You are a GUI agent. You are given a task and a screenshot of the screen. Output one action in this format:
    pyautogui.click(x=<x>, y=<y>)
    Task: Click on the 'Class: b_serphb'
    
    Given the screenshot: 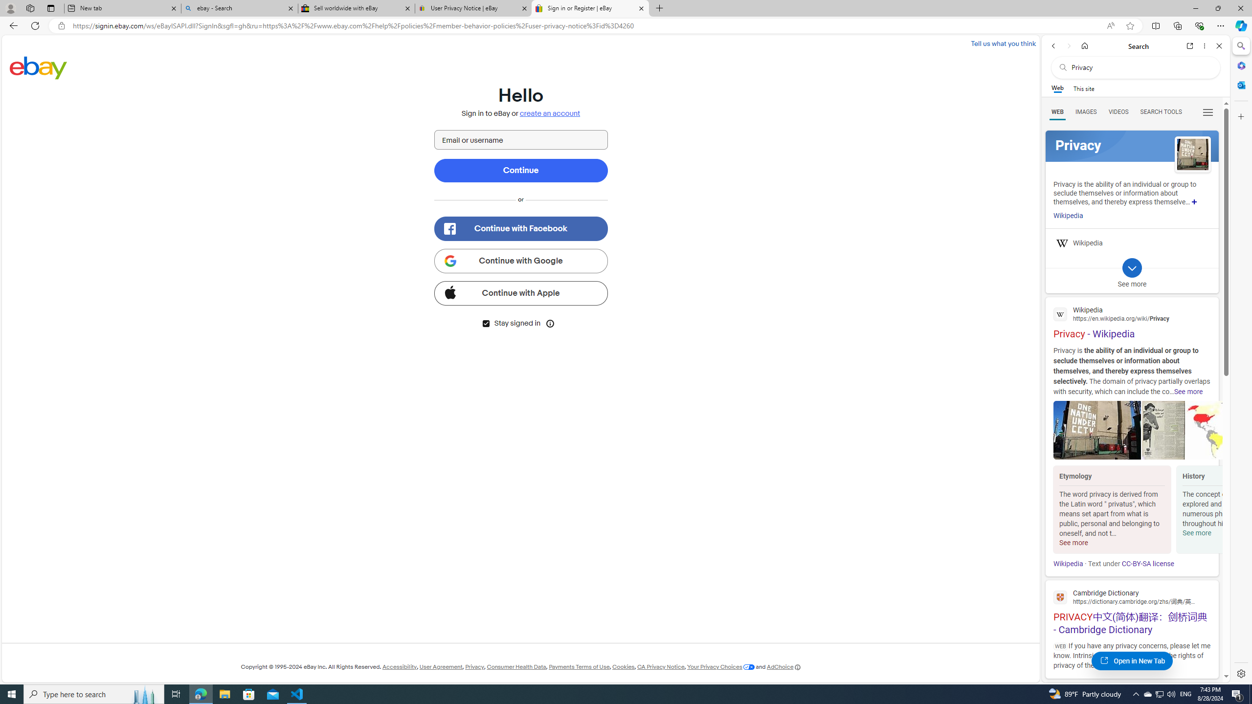 What is the action you would take?
    pyautogui.click(x=1208, y=112)
    